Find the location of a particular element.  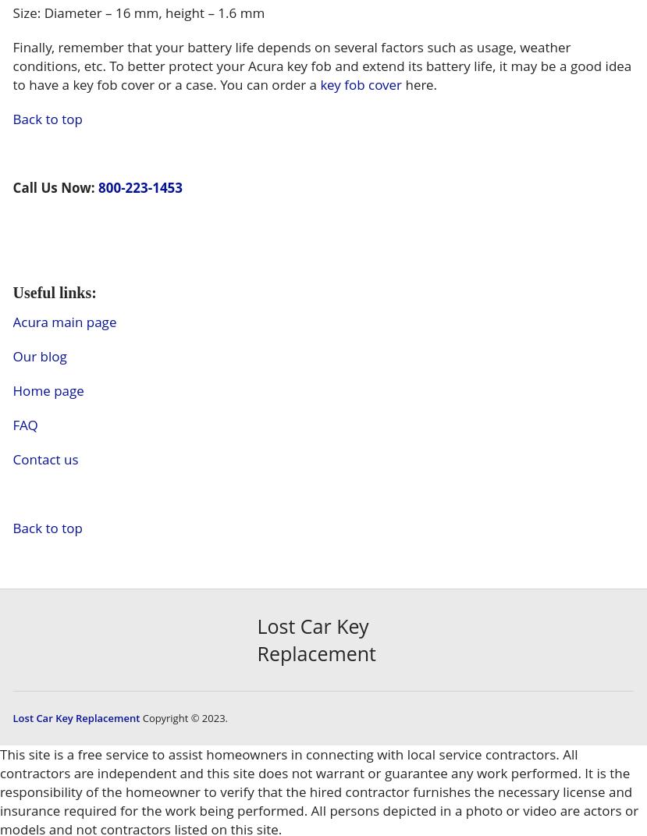

'Size: Diameter – 16 mm, height – 1.6 mm' is located at coordinates (12, 11).